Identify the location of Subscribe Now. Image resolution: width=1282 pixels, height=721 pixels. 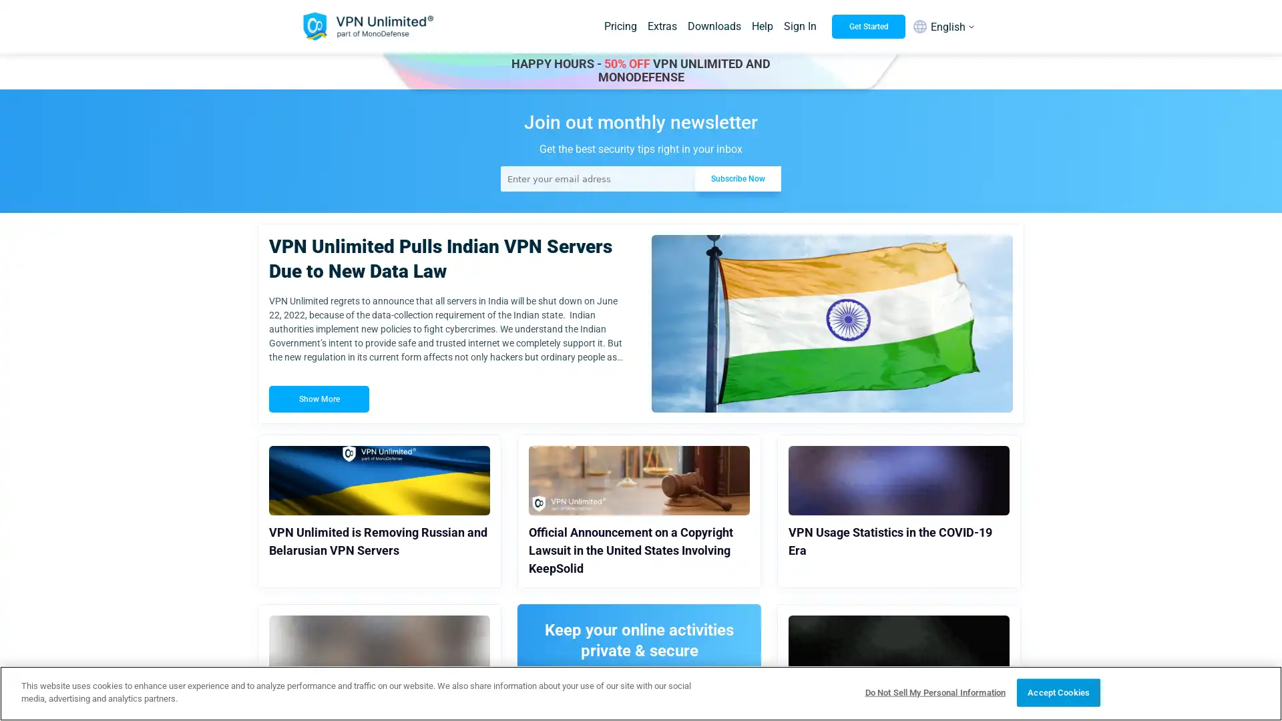
(737, 178).